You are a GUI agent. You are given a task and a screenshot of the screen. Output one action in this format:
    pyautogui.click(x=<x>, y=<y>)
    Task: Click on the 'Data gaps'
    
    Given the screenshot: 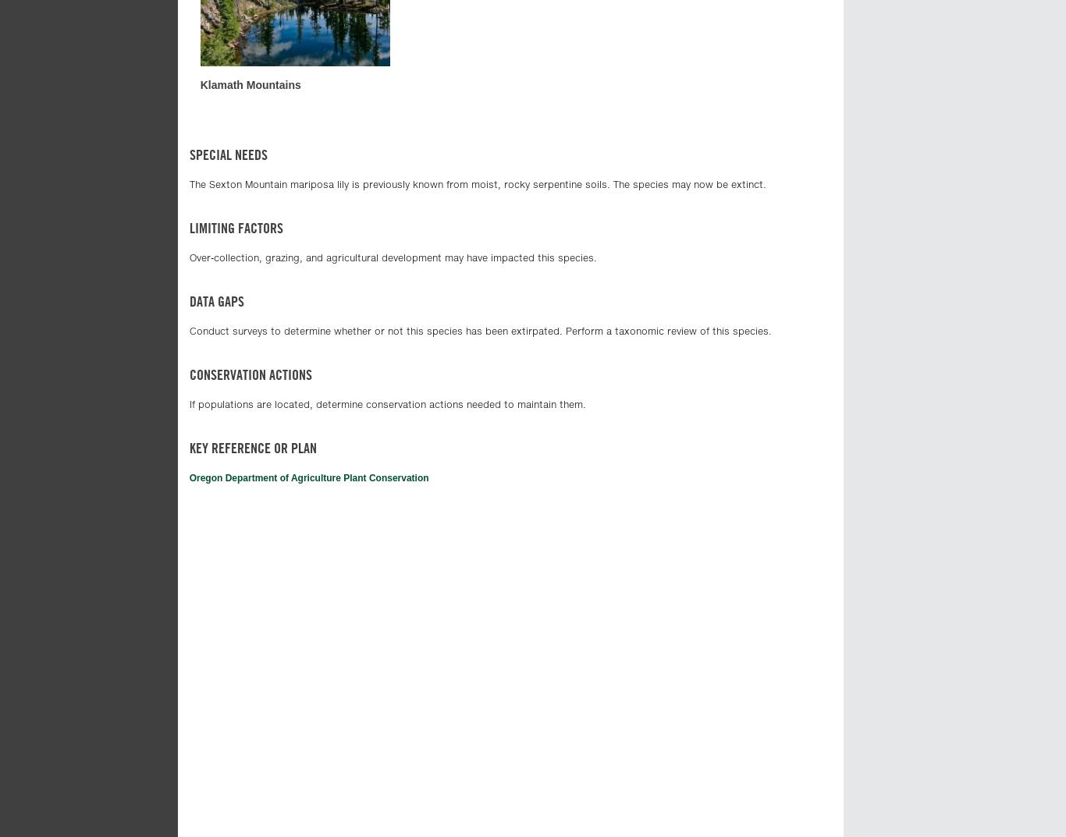 What is the action you would take?
    pyautogui.click(x=189, y=299)
    